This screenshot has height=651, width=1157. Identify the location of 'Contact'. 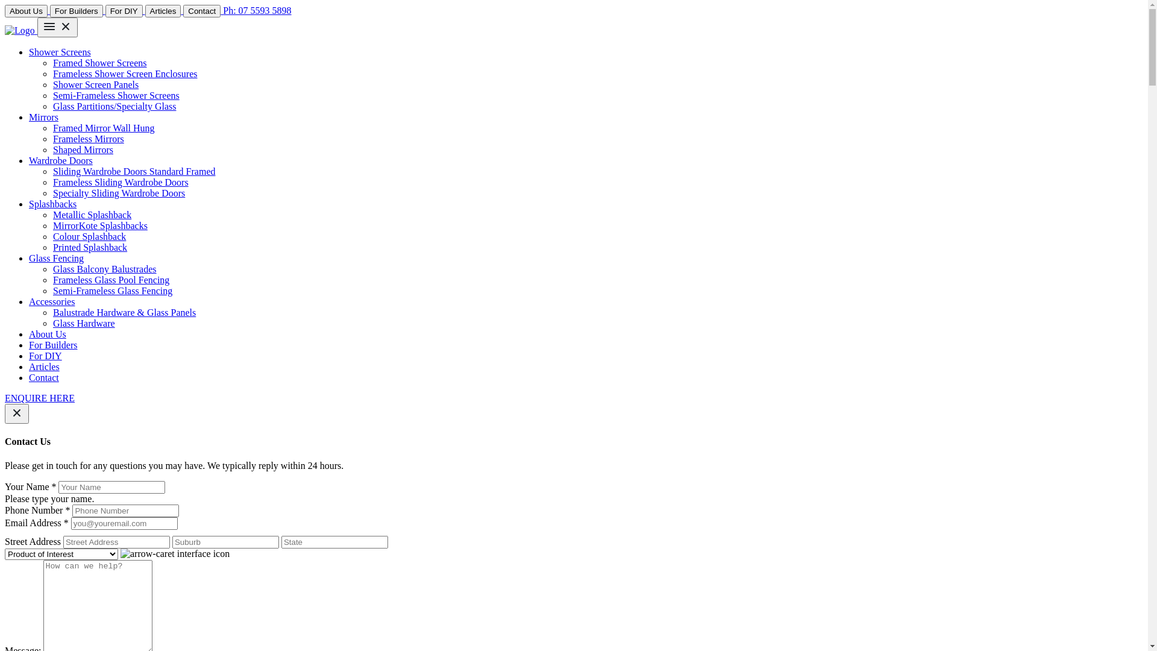
(182, 10).